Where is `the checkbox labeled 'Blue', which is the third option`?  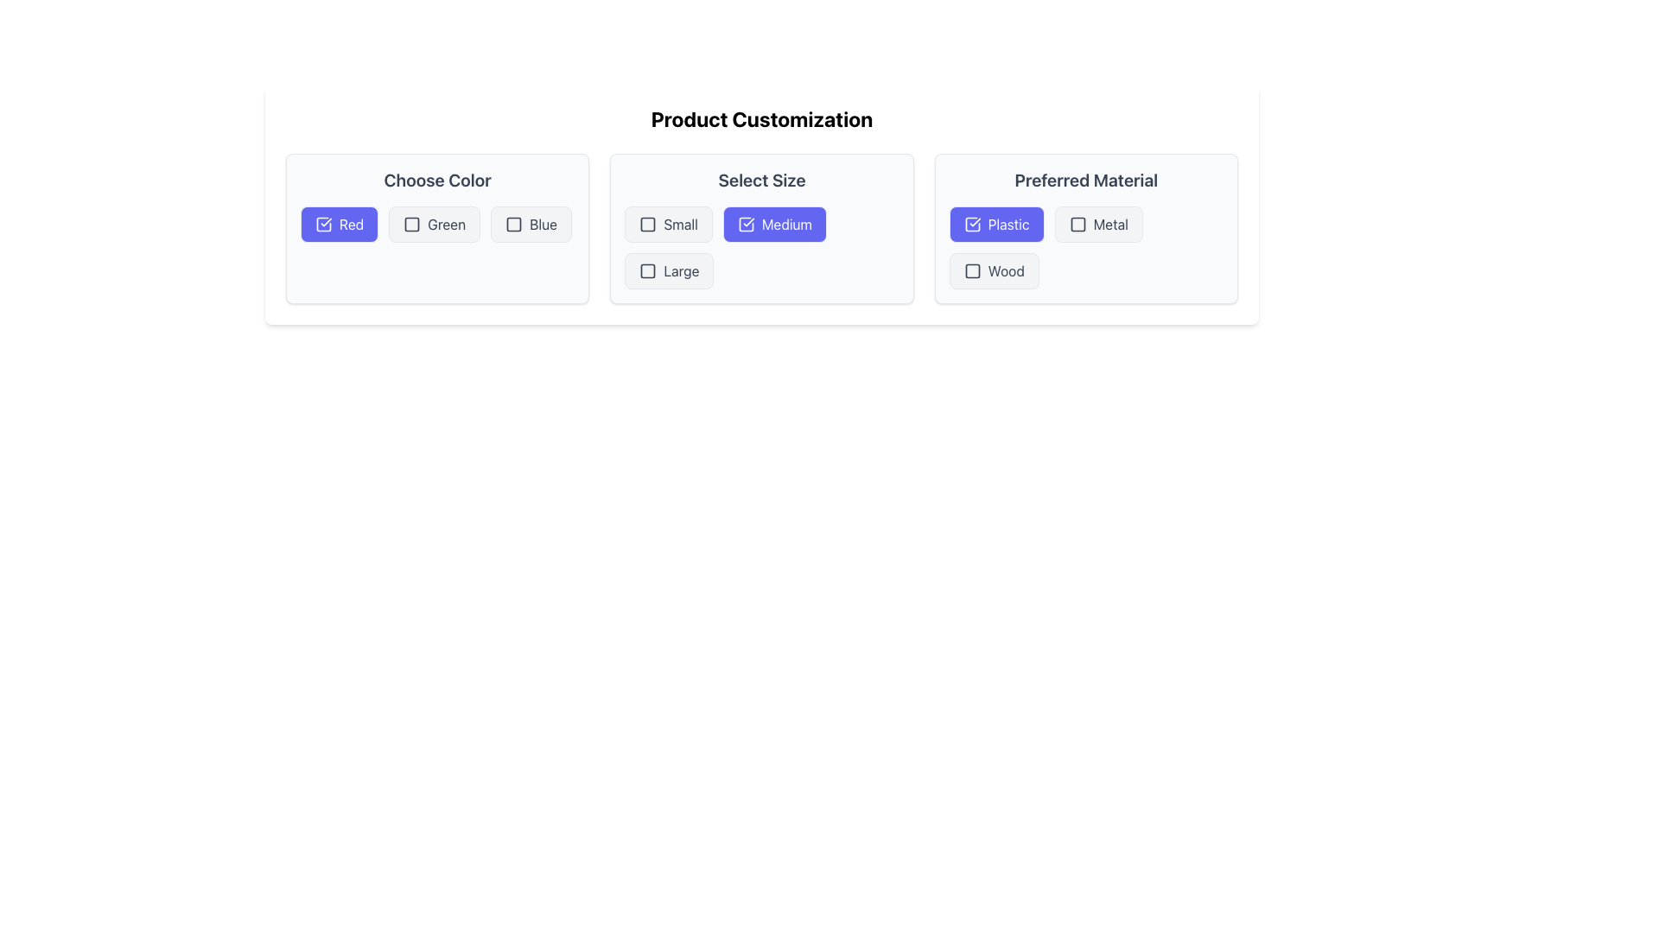 the checkbox labeled 'Blue', which is the third option is located at coordinates (513, 223).